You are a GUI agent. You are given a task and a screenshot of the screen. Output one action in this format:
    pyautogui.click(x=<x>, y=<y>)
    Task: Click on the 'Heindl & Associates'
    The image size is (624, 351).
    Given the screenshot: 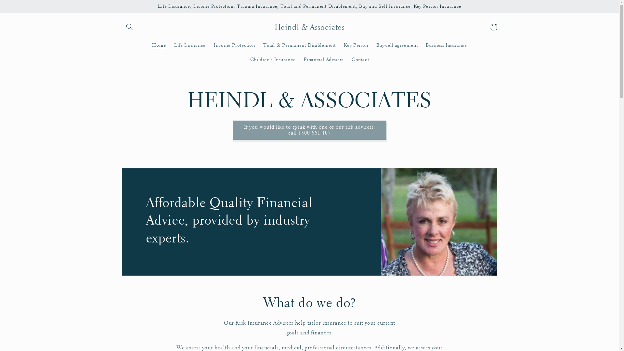 What is the action you would take?
    pyautogui.click(x=309, y=26)
    